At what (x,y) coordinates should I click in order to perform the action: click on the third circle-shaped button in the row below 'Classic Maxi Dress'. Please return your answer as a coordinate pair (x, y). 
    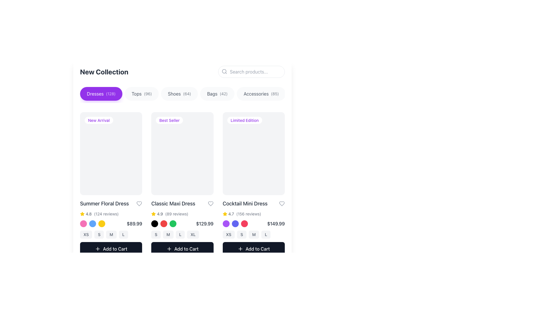
    Looking at the image, I should click on (173, 223).